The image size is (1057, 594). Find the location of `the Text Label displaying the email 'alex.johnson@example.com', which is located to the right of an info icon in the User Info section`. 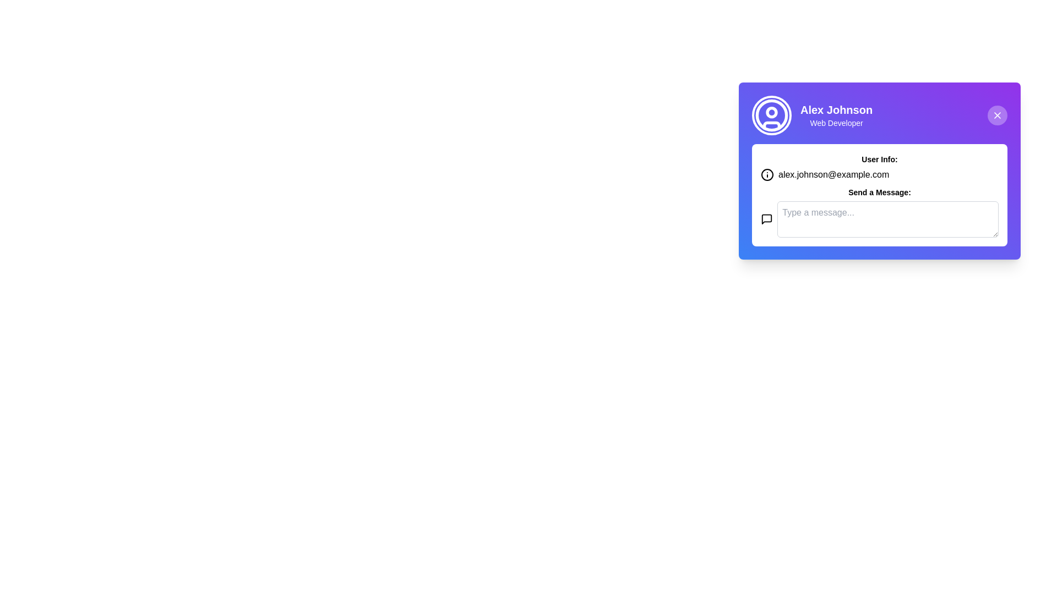

the Text Label displaying the email 'alex.johnson@example.com', which is located to the right of an info icon in the User Info section is located at coordinates (833, 174).